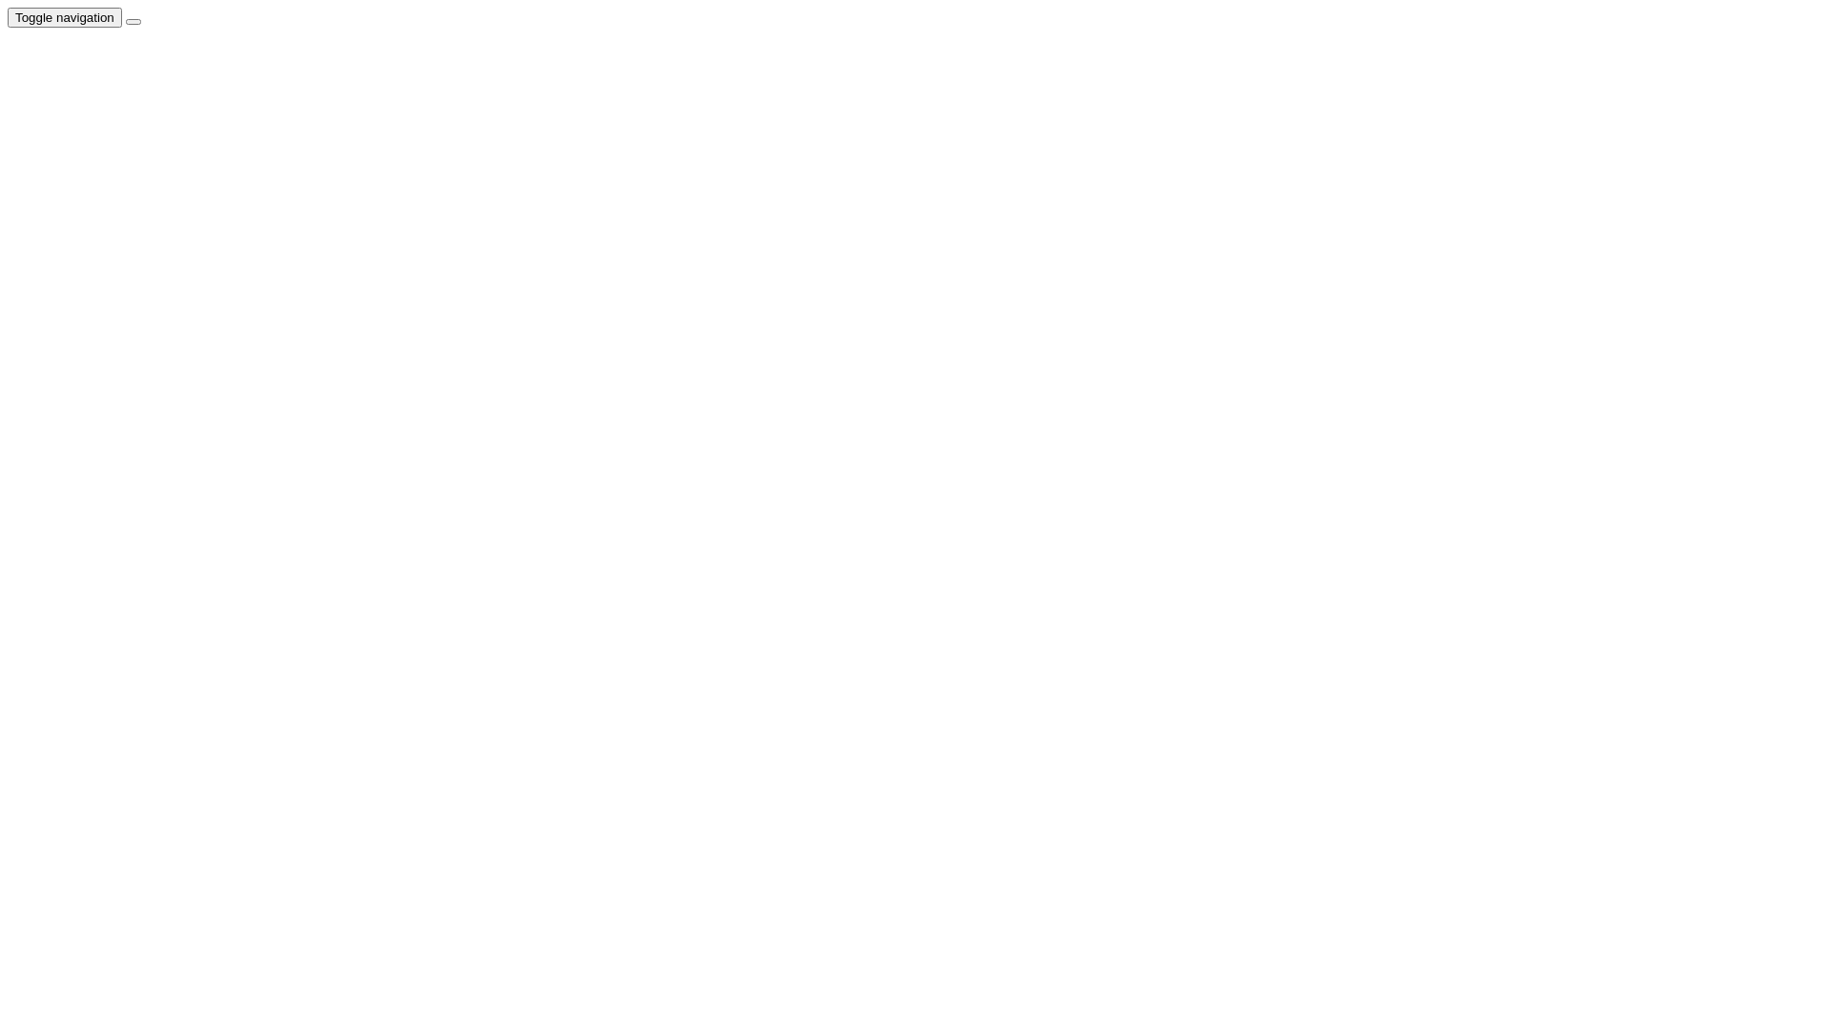 The image size is (1831, 1029). I want to click on 'Toggle navigation', so click(64, 17).